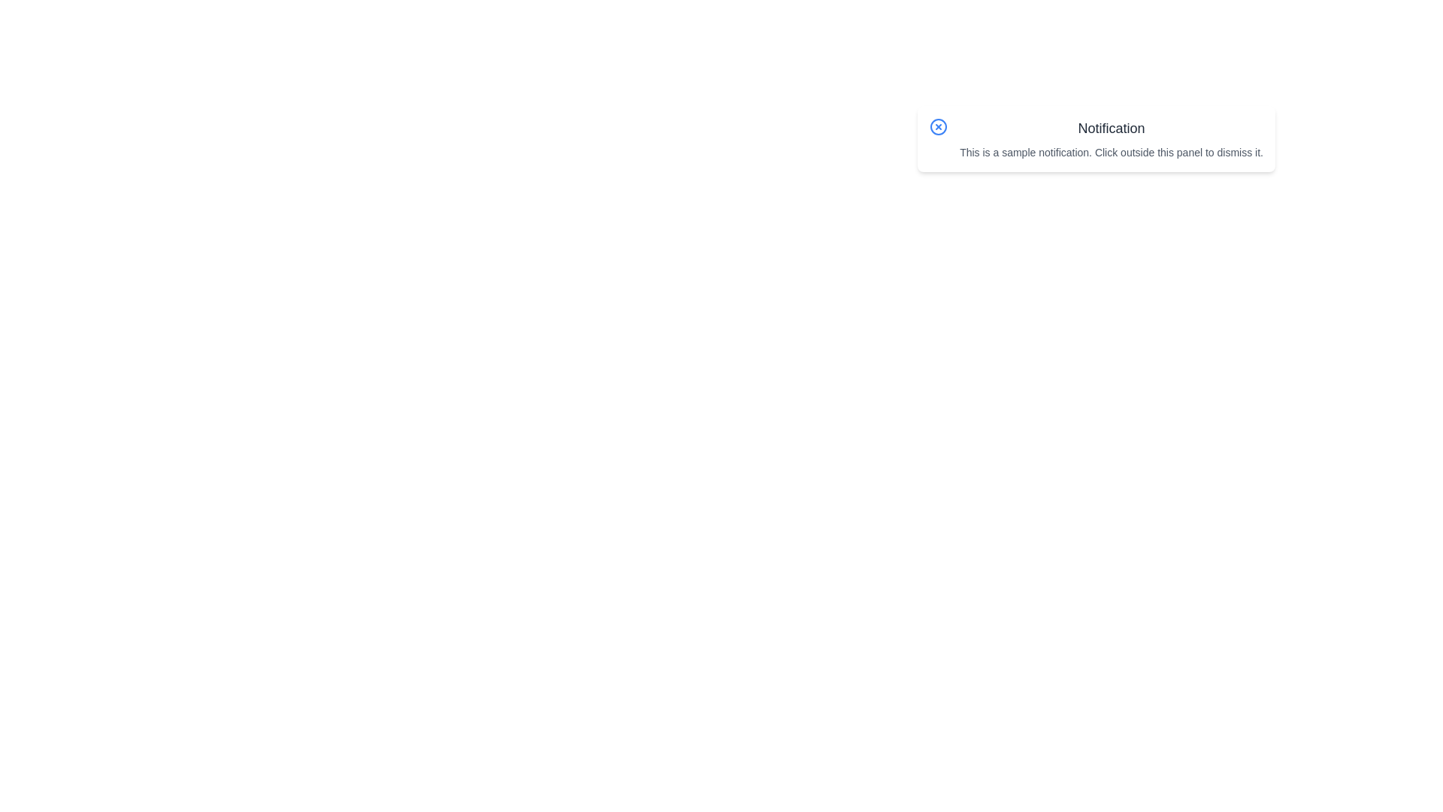 The height and width of the screenshot is (812, 1443). What do you see at coordinates (1112, 127) in the screenshot?
I see `static text heading element displaying 'Notification', which is bold and large, positioned at the top of the notification message panel` at bounding box center [1112, 127].